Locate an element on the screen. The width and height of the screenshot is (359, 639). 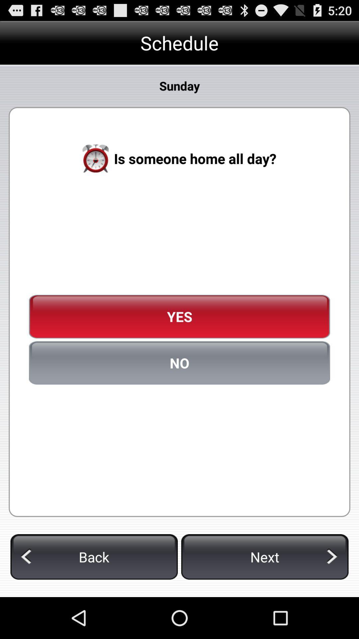
the item next to the next icon is located at coordinates (94, 557).